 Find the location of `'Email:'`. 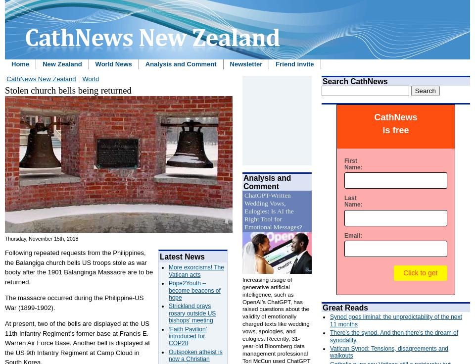

'Email:' is located at coordinates (353, 235).